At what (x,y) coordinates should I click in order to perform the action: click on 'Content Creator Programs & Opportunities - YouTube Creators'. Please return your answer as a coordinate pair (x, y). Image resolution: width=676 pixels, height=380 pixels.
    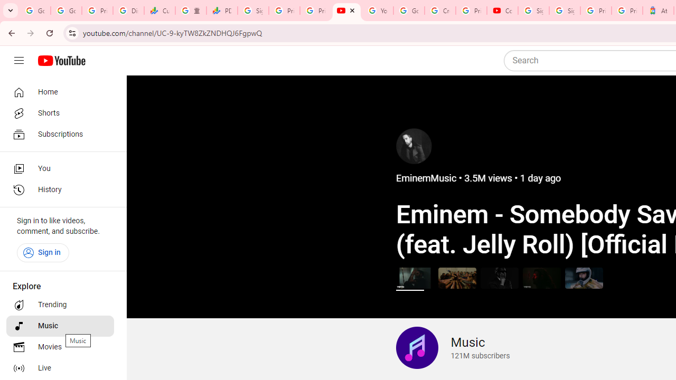
    Looking at the image, I should click on (502, 11).